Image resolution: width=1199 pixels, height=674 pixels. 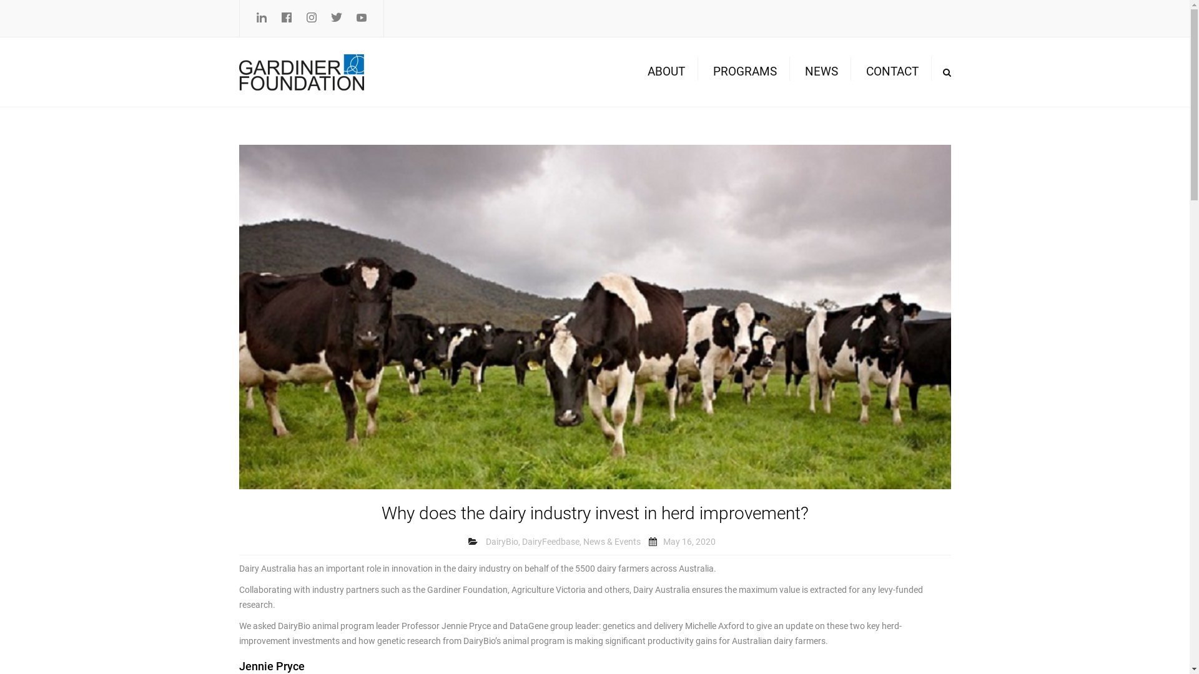 I want to click on 'PROGRAMS', so click(x=707, y=72).